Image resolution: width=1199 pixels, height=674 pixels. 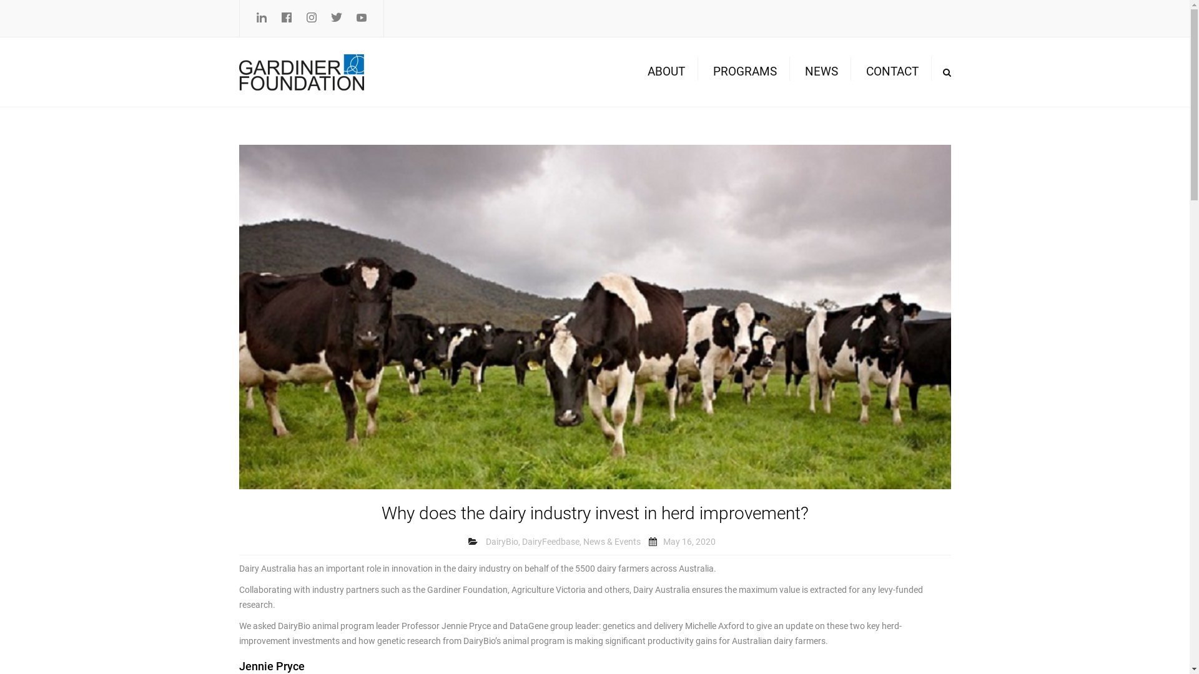 I want to click on 'PROGRAMS', so click(x=707, y=72).